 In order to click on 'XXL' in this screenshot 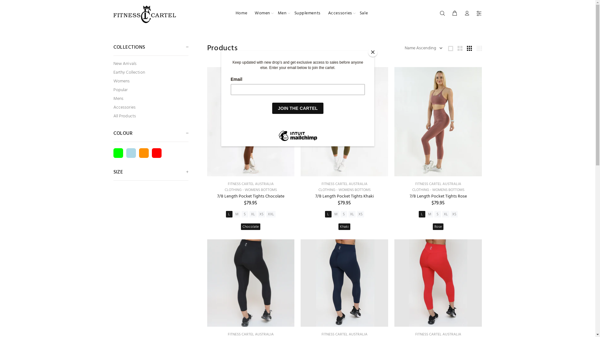, I will do `click(266, 214)`.